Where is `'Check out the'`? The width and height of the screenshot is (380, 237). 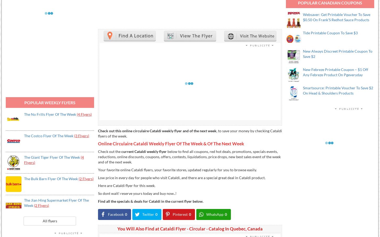
'Check out the' is located at coordinates (97, 151).